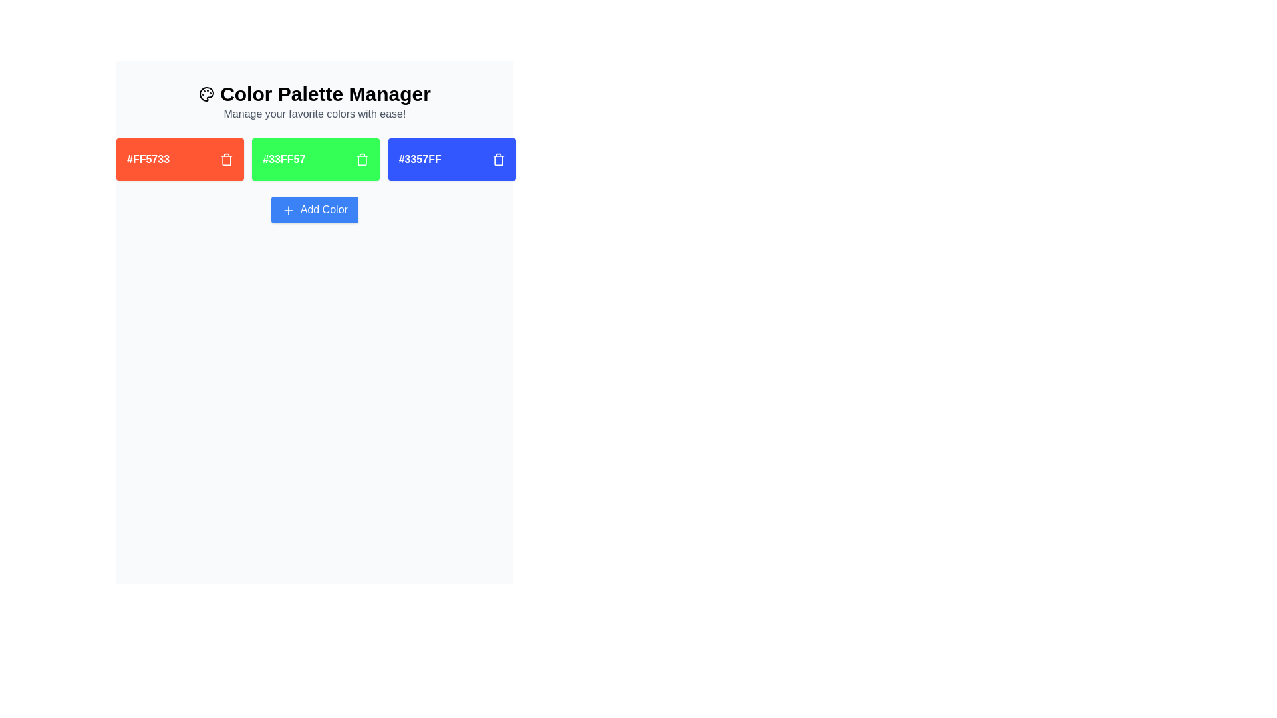  Describe the element at coordinates (314, 102) in the screenshot. I see `the 'Color Palette Manager' header` at that location.